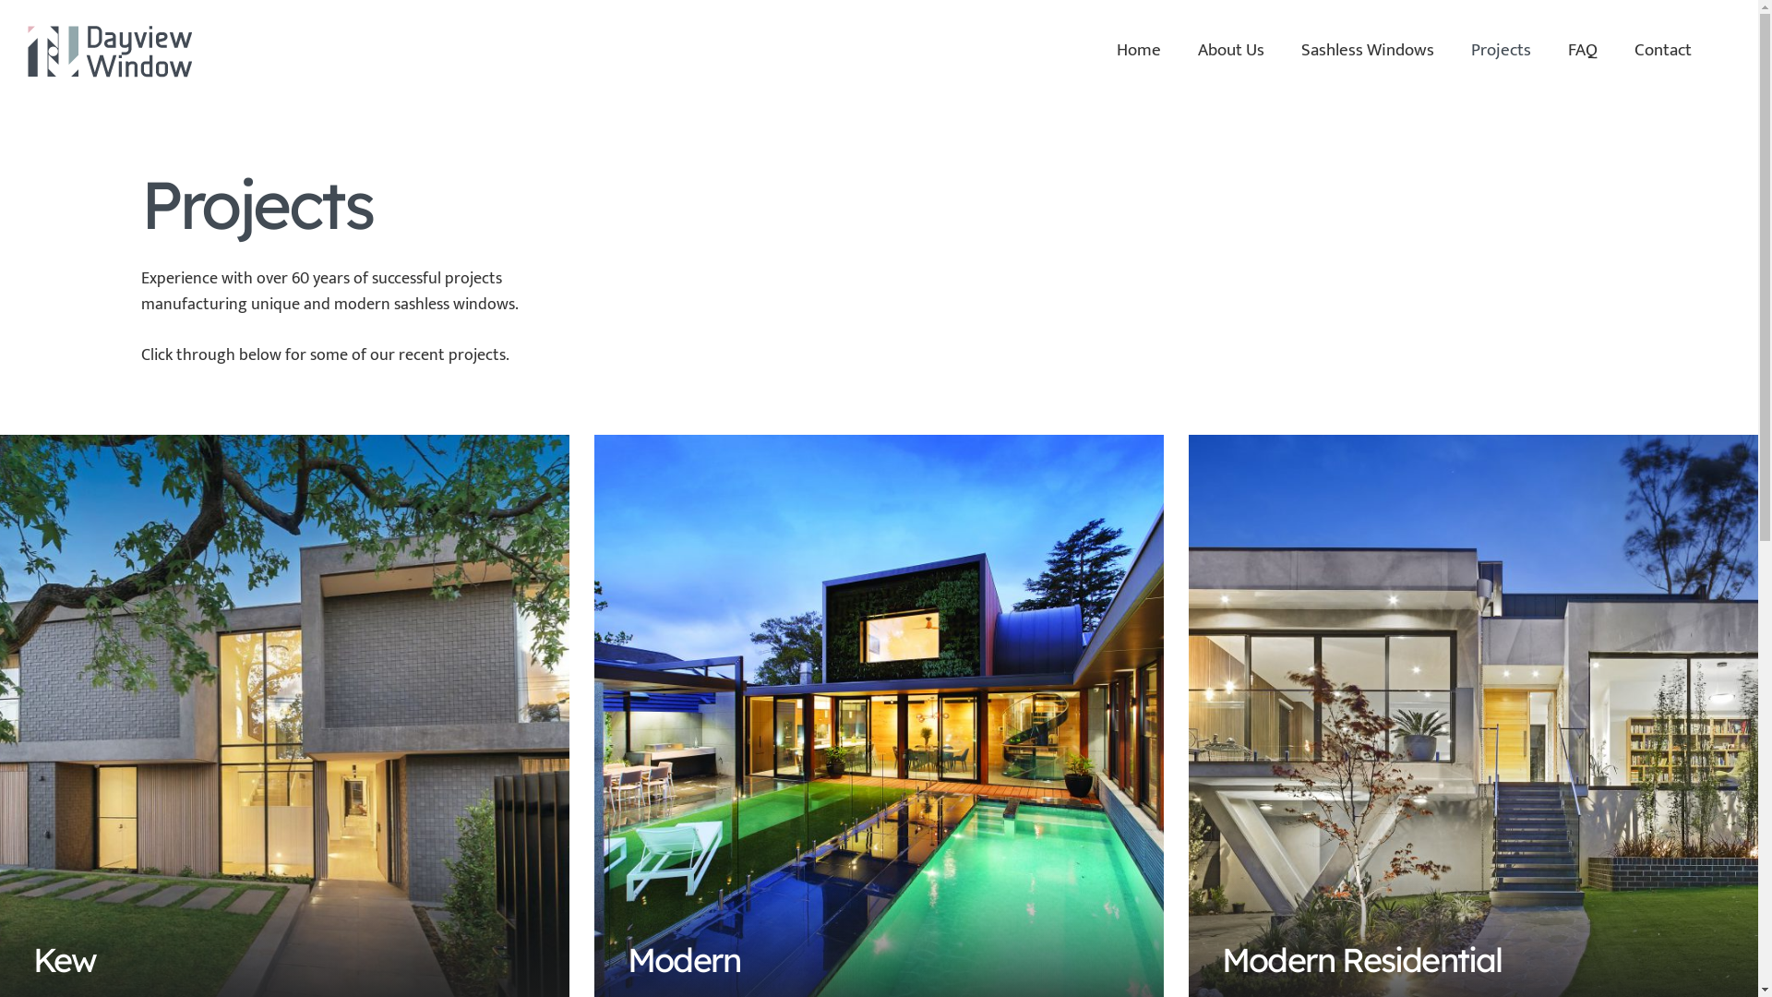  What do you see at coordinates (1137, 49) in the screenshot?
I see `'Home'` at bounding box center [1137, 49].